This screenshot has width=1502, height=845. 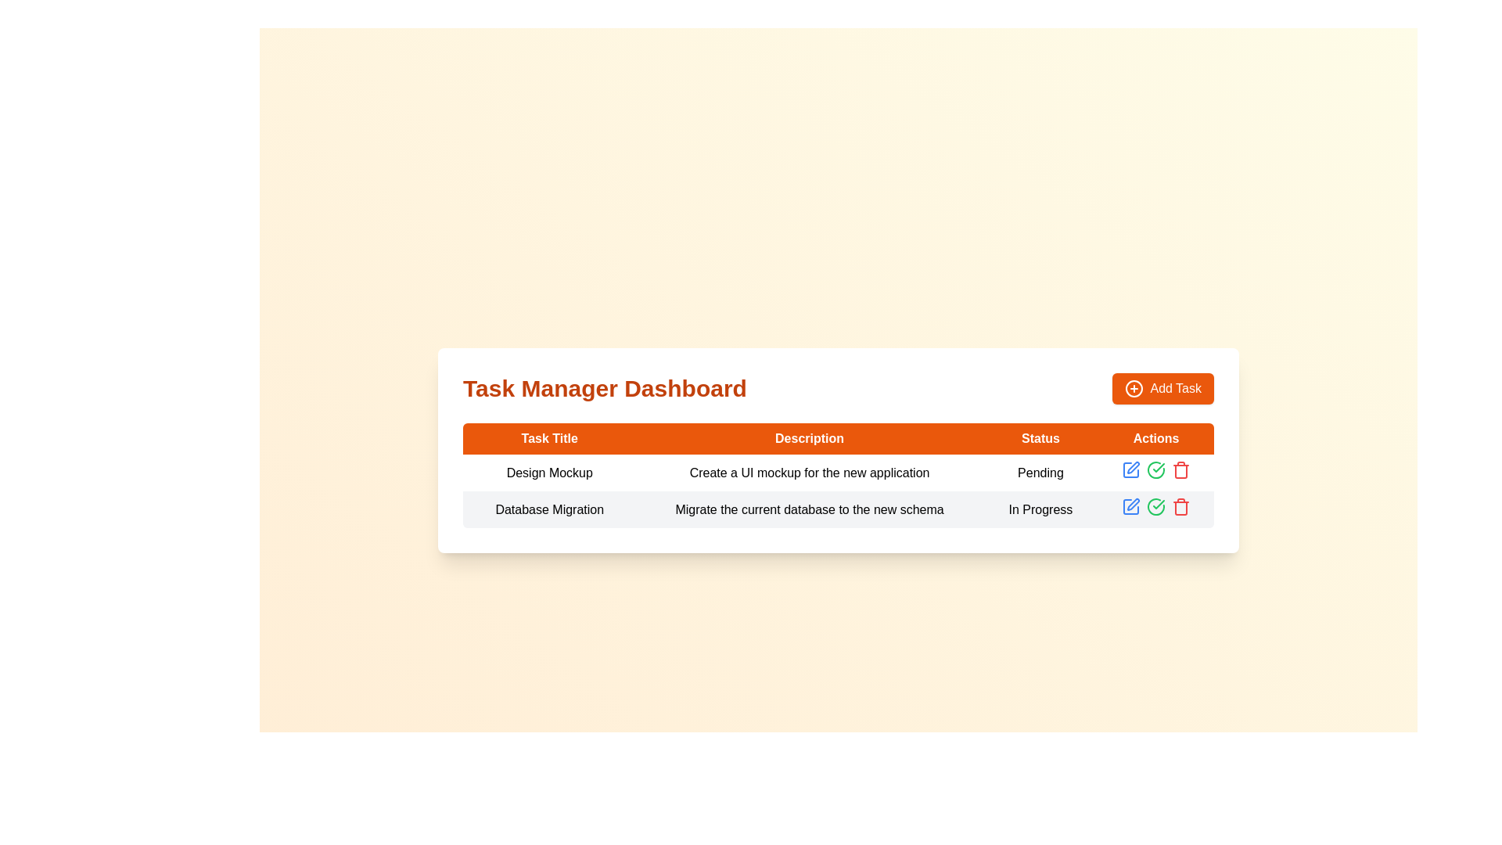 I want to click on the confirmation button with an SVG icon in the second row of the table under the 'Actions' column, so click(x=1156, y=507).